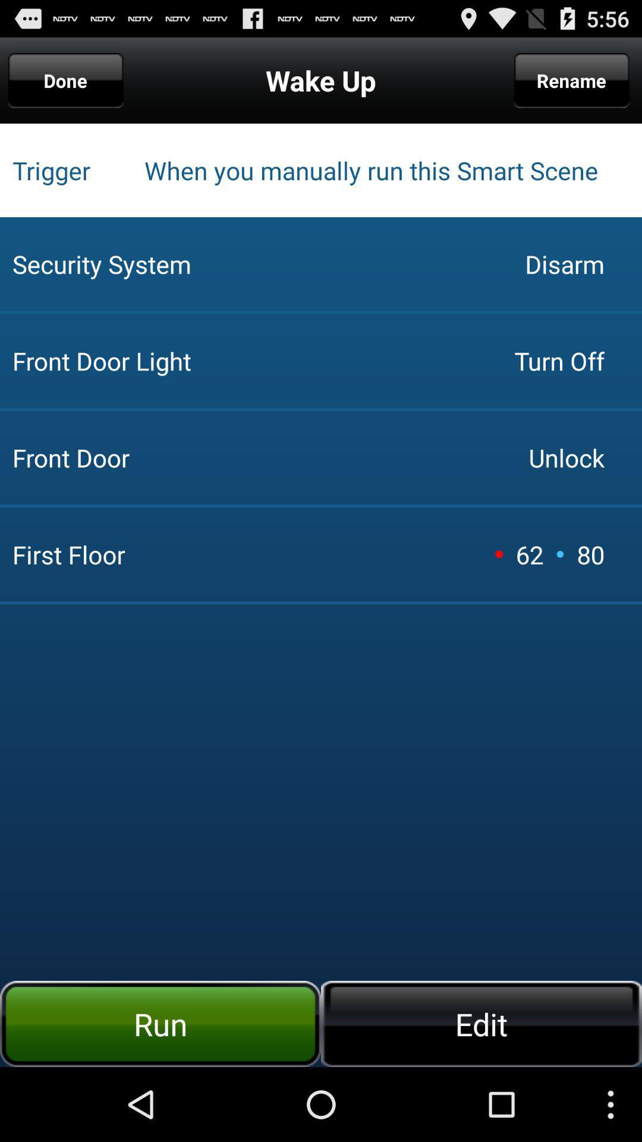  I want to click on the icon to the left of 80 item, so click(560, 553).